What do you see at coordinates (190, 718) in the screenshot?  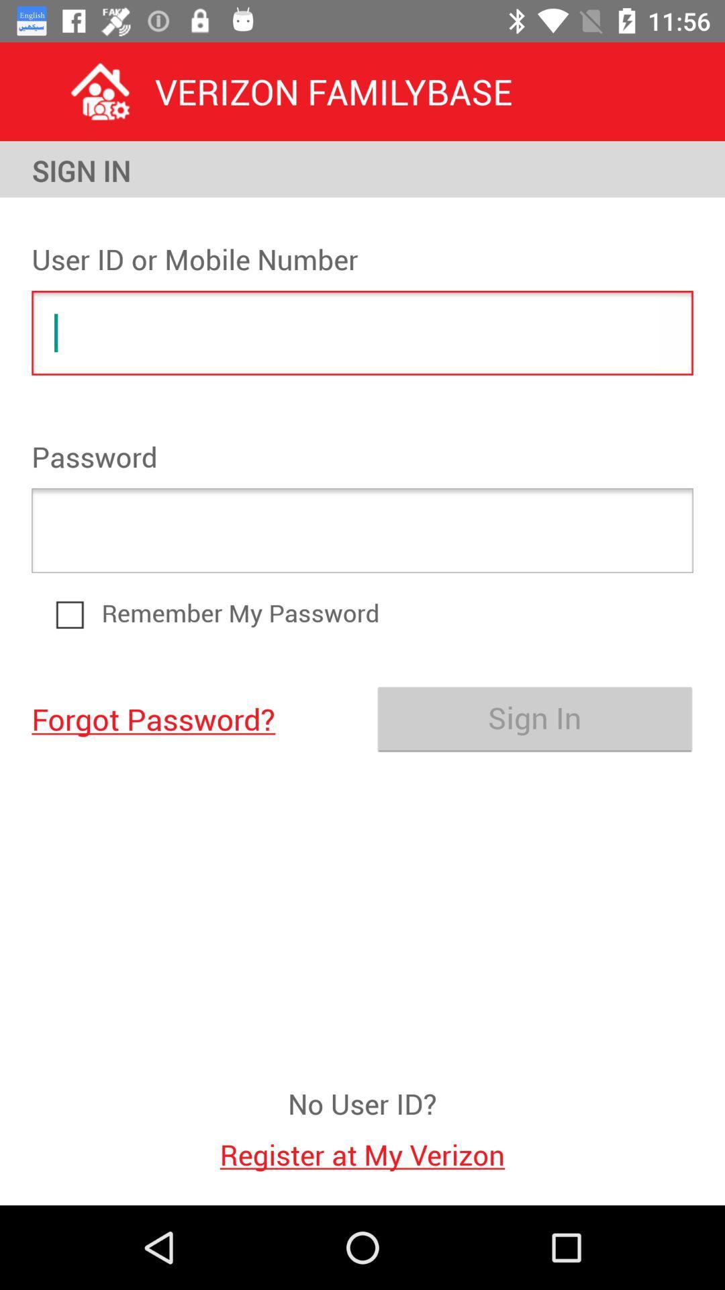 I see `the icon above no user id? icon` at bounding box center [190, 718].